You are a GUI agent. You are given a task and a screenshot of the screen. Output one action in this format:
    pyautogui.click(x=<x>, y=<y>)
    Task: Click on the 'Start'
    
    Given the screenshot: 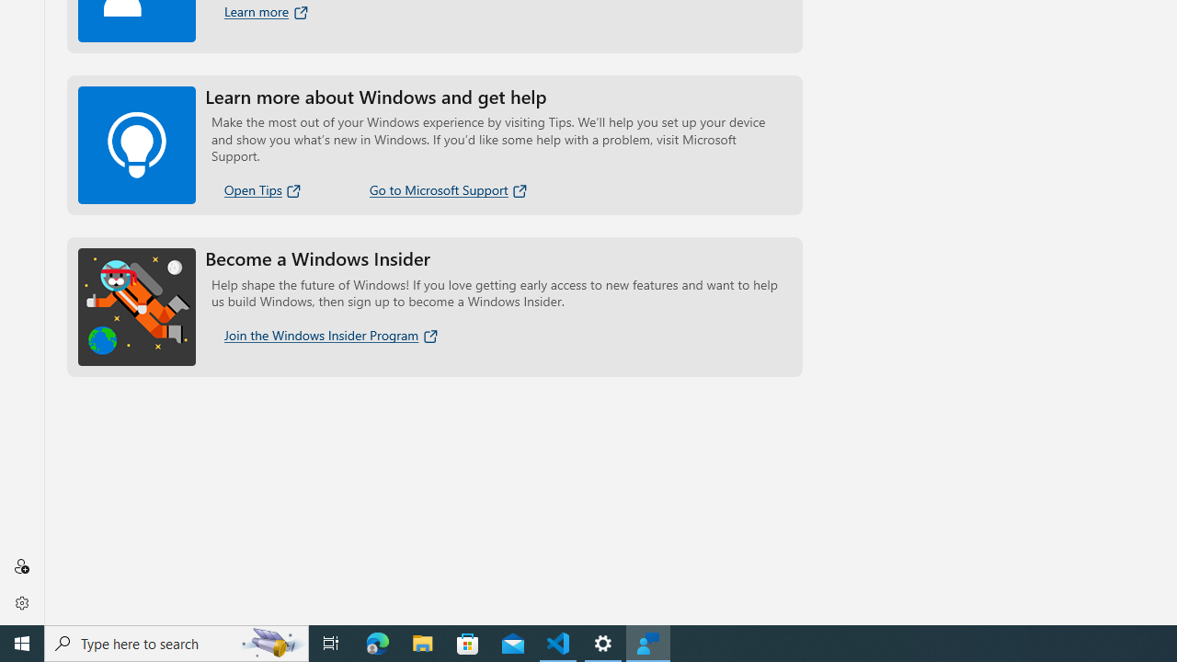 What is the action you would take?
    pyautogui.click(x=22, y=642)
    